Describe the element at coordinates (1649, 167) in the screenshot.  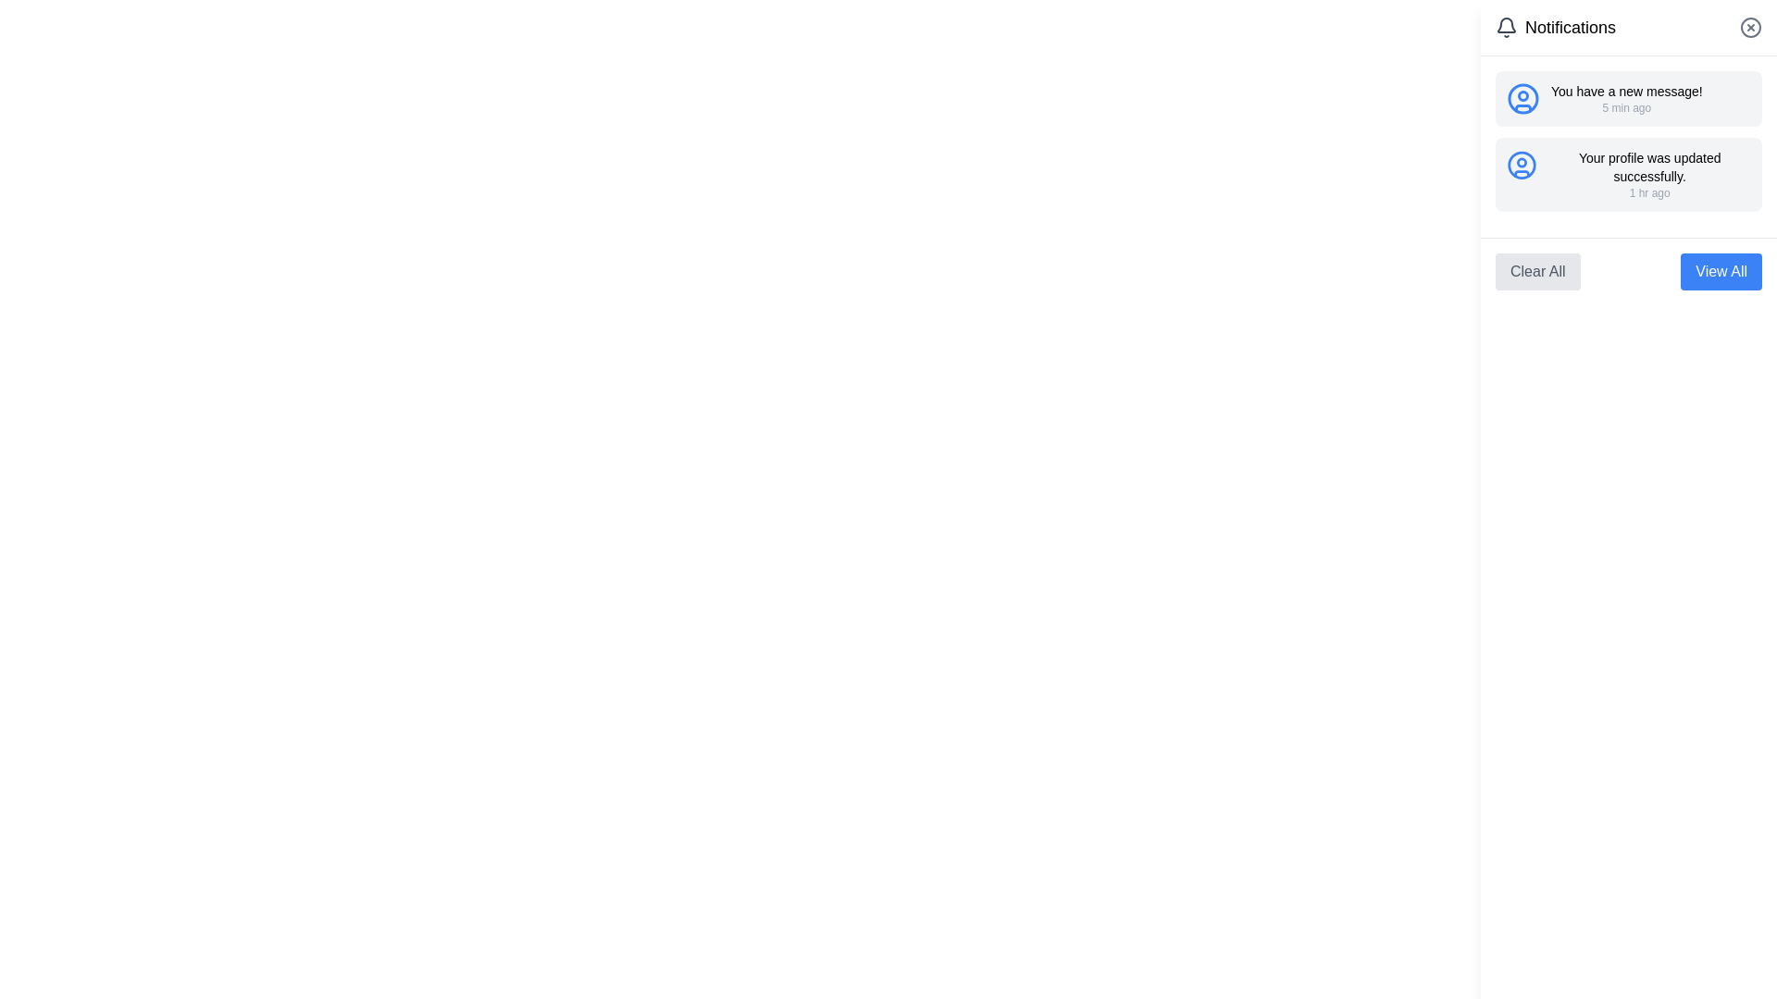
I see `the Text Display that notifies the user about their successful profile update, located in the sidebar on the right-hand side of the page` at that location.